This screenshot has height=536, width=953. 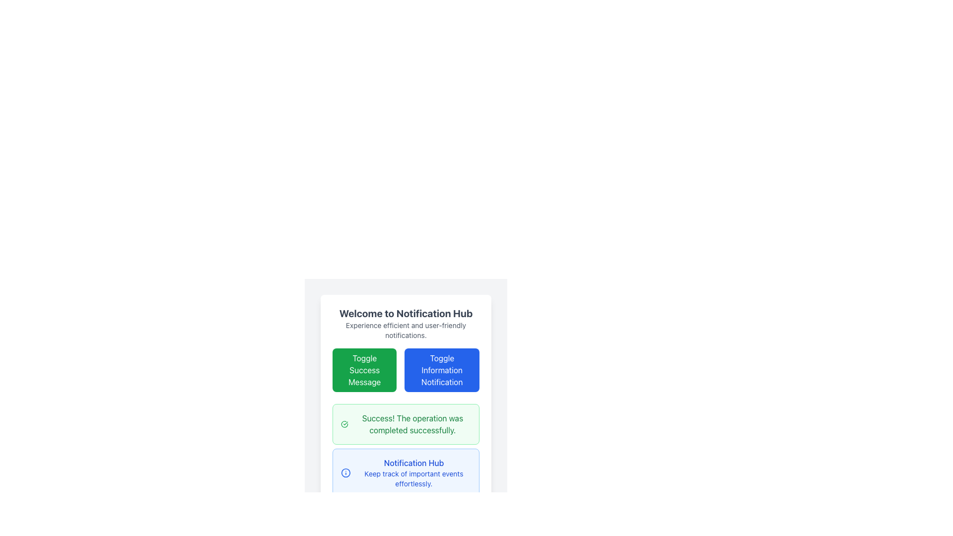 What do you see at coordinates (364, 370) in the screenshot?
I see `the left button that toggles the display of a success message notification, located below the heading and above the notification sections` at bounding box center [364, 370].